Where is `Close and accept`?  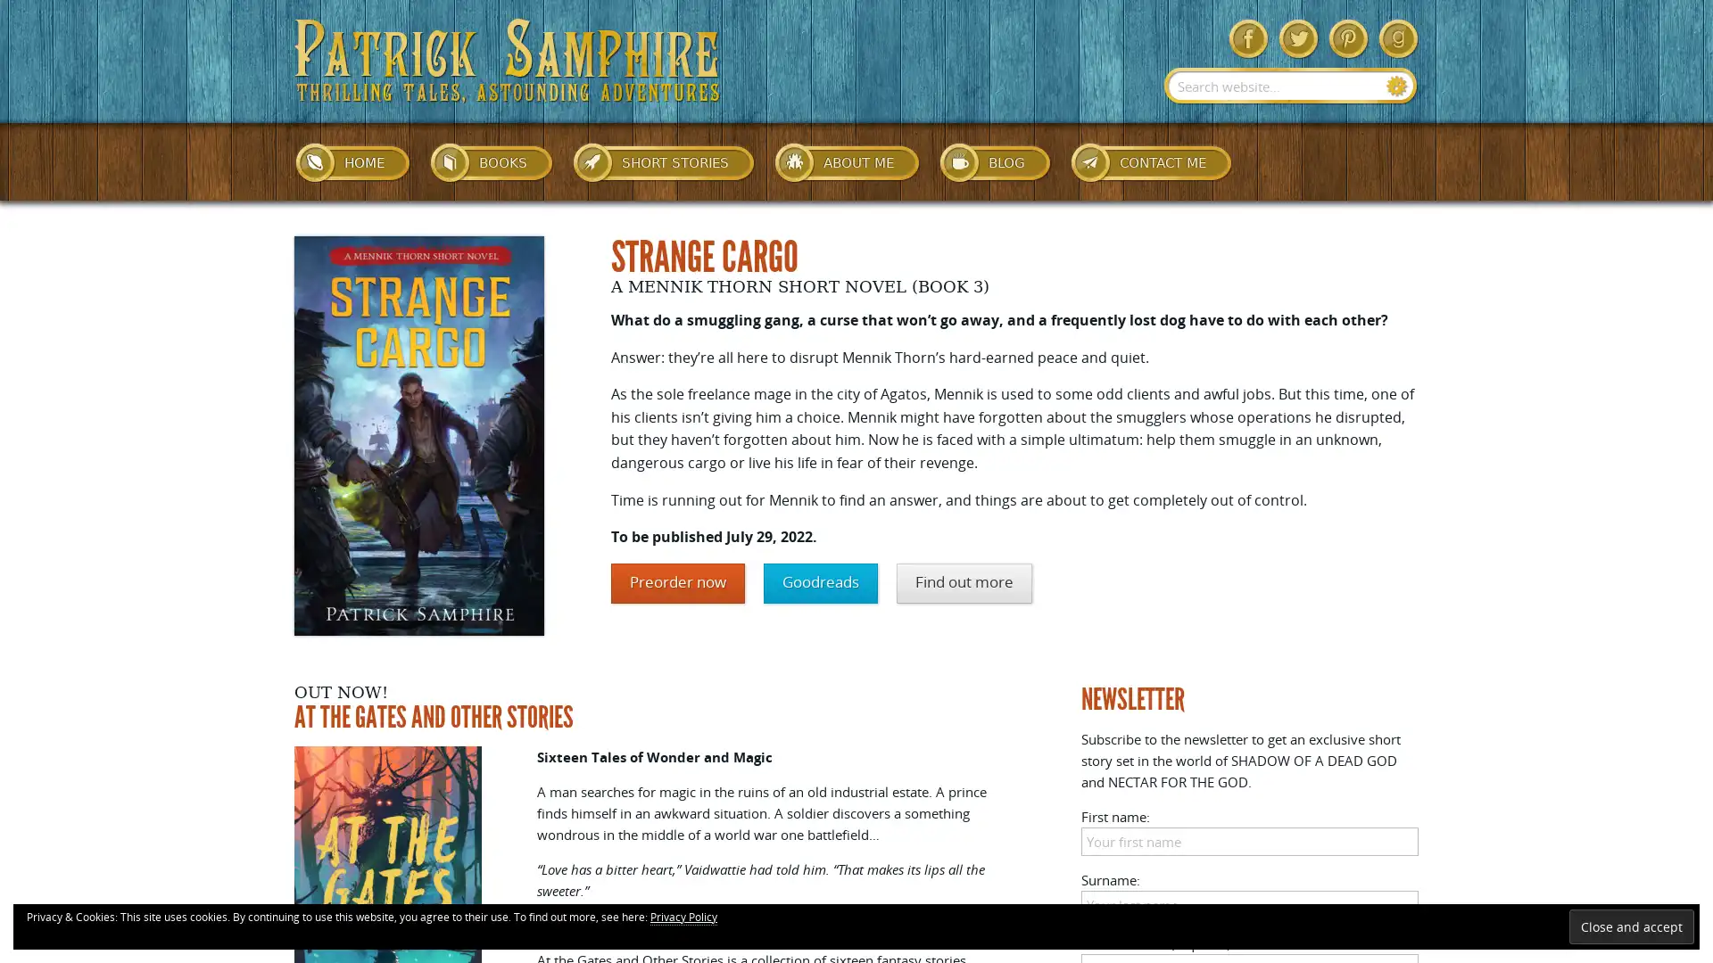
Close and accept is located at coordinates (1631, 926).